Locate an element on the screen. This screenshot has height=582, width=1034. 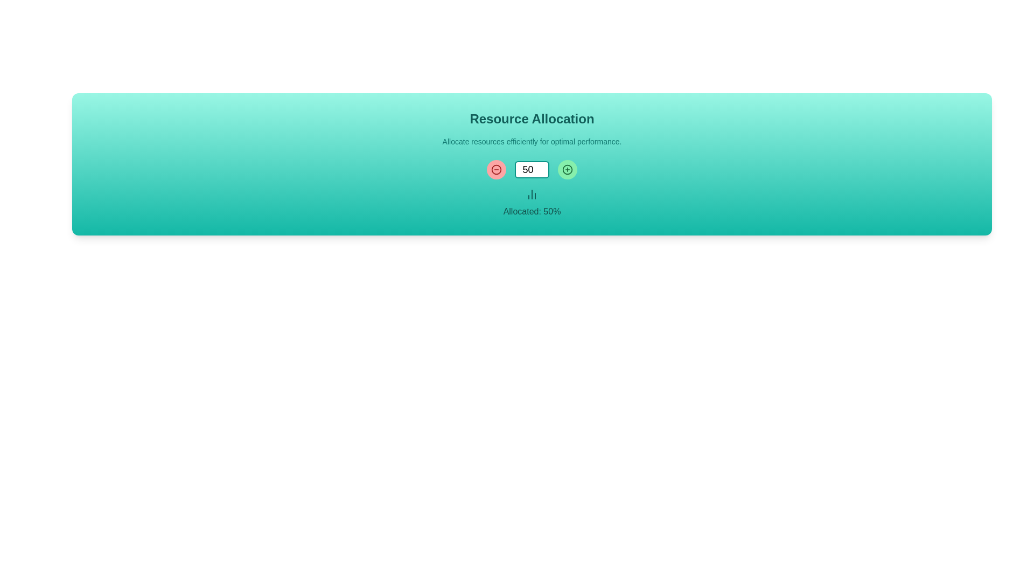
the text element that reads 'Allocate resources efficiently for optimal performance.' which is styled in teal color is located at coordinates (532, 141).